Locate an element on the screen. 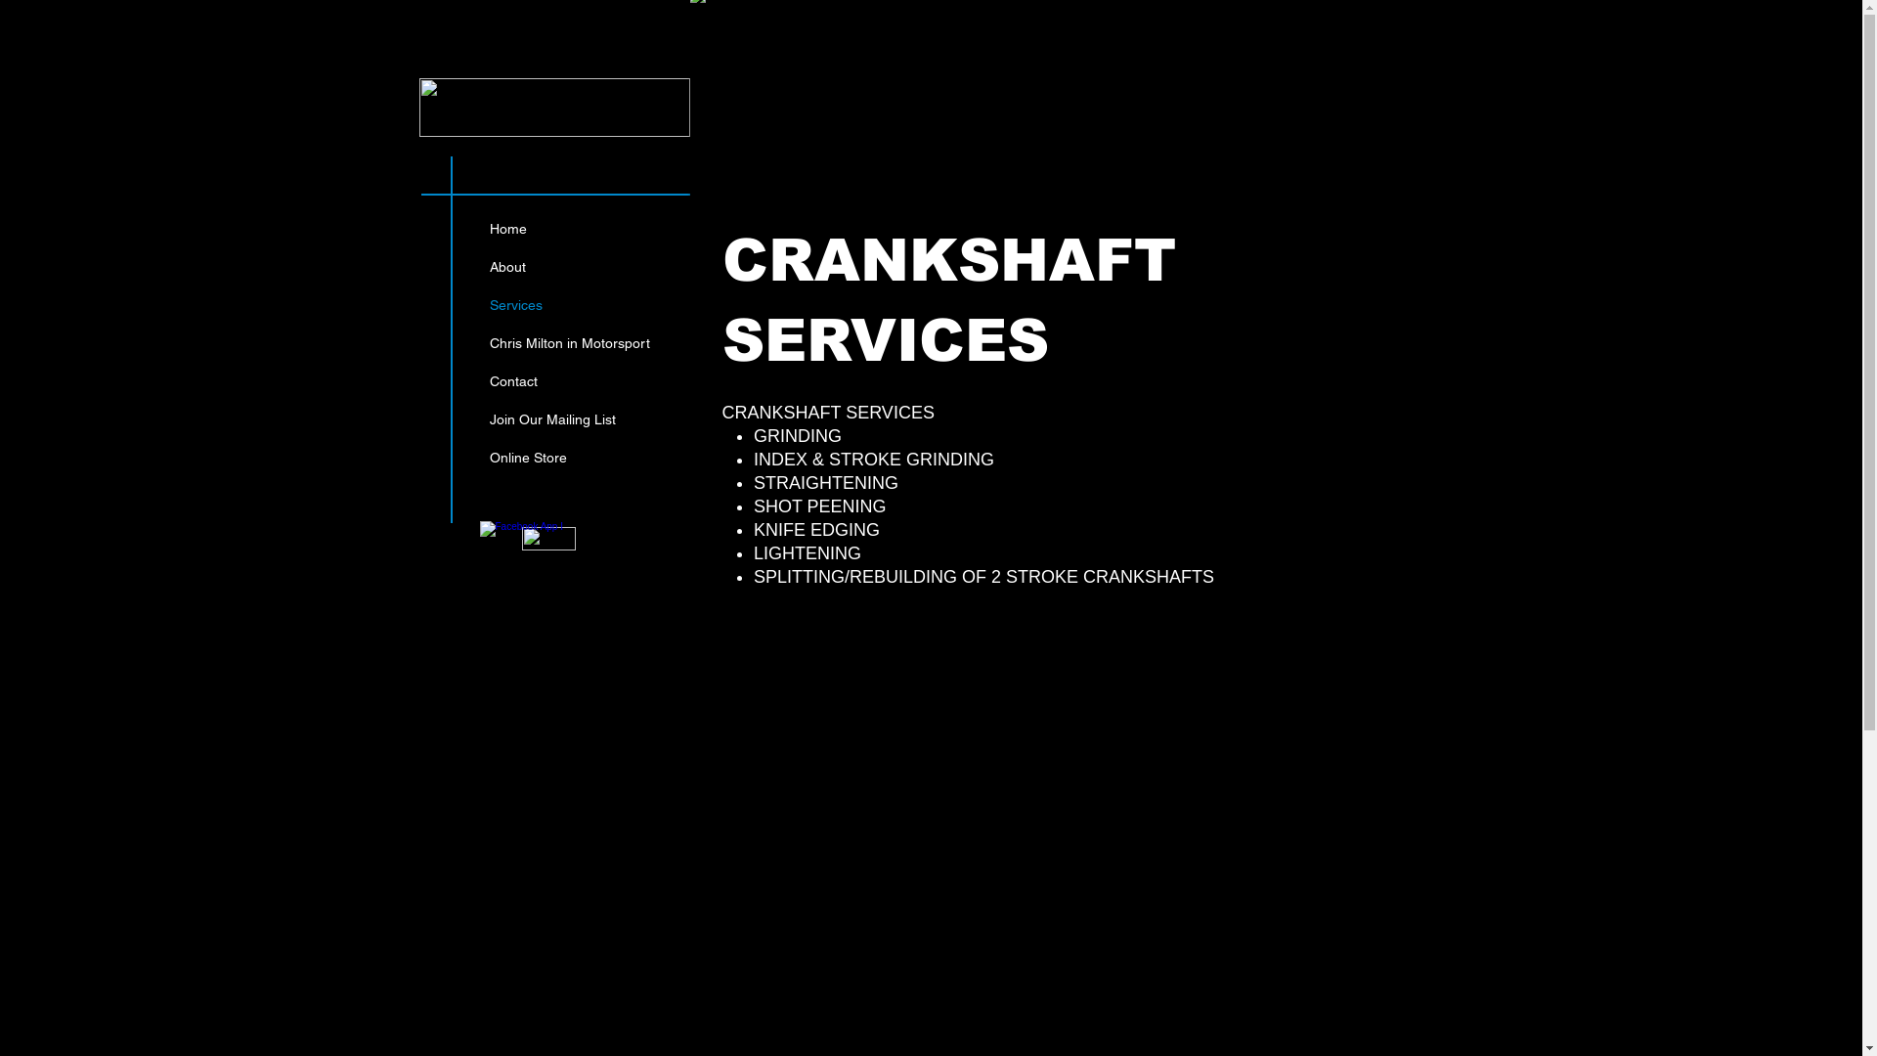 This screenshot has height=1056, width=1877. 'Services' is located at coordinates (478, 305).